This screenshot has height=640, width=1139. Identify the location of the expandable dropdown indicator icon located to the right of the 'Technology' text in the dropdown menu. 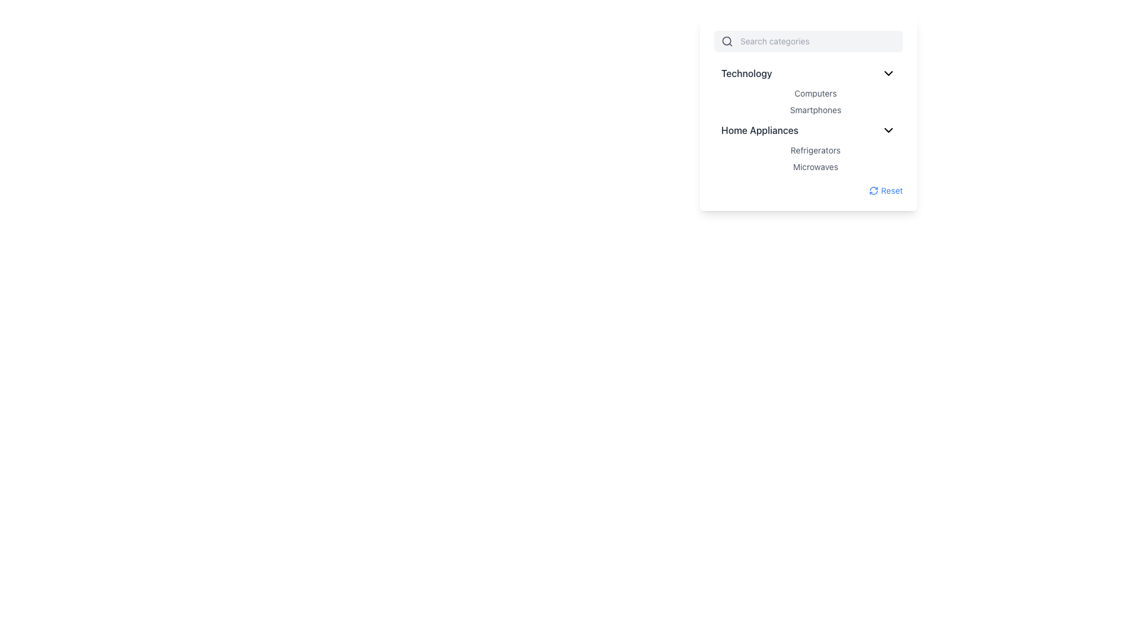
(888, 73).